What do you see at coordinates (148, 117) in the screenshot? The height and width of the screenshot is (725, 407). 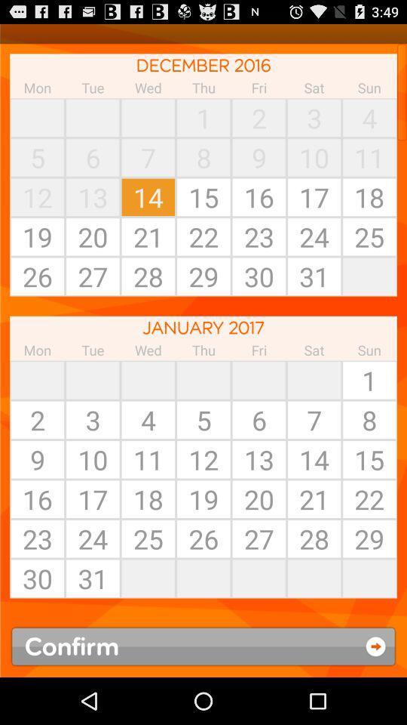 I see `the app next to the thu icon` at bounding box center [148, 117].